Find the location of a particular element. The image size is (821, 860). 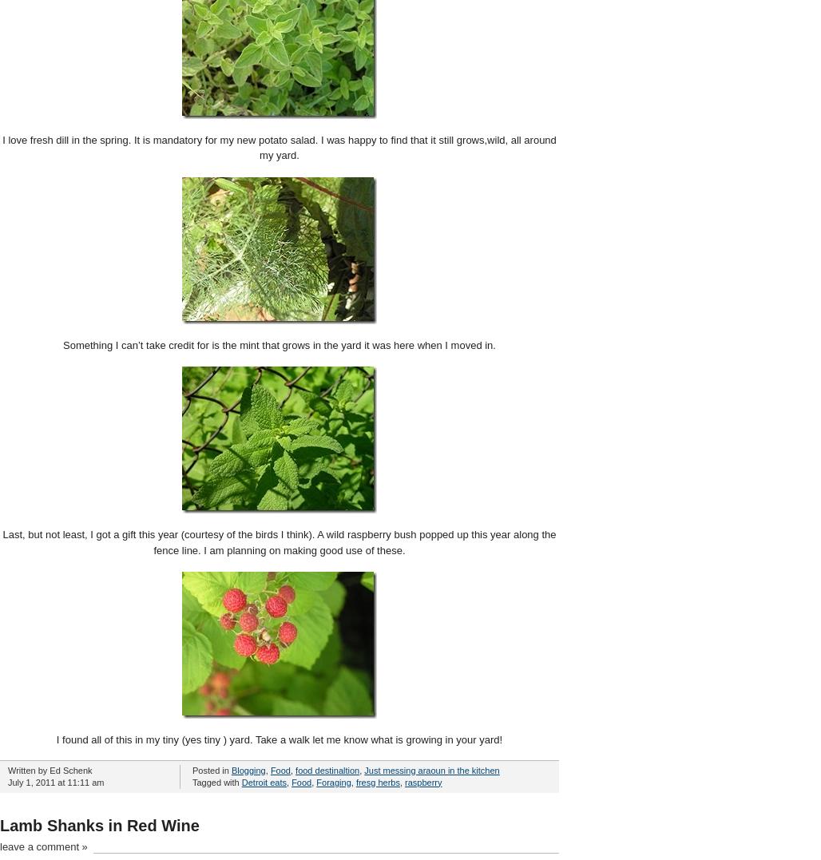

'I found all of this in my tiny (yes tiny ) yard. Take a walk let me know what is growing in your yard!' is located at coordinates (278, 739).